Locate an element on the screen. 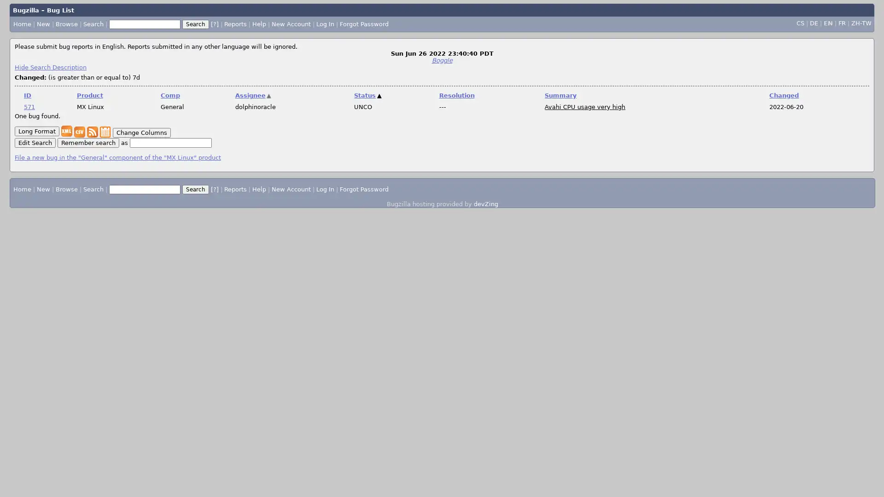 The image size is (884, 497). Change Columns is located at coordinates (141, 132).